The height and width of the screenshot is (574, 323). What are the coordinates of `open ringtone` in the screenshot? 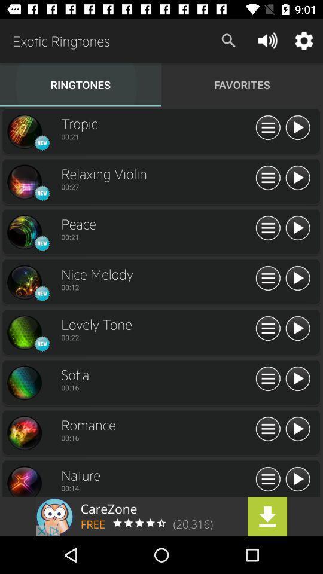 It's located at (24, 481).